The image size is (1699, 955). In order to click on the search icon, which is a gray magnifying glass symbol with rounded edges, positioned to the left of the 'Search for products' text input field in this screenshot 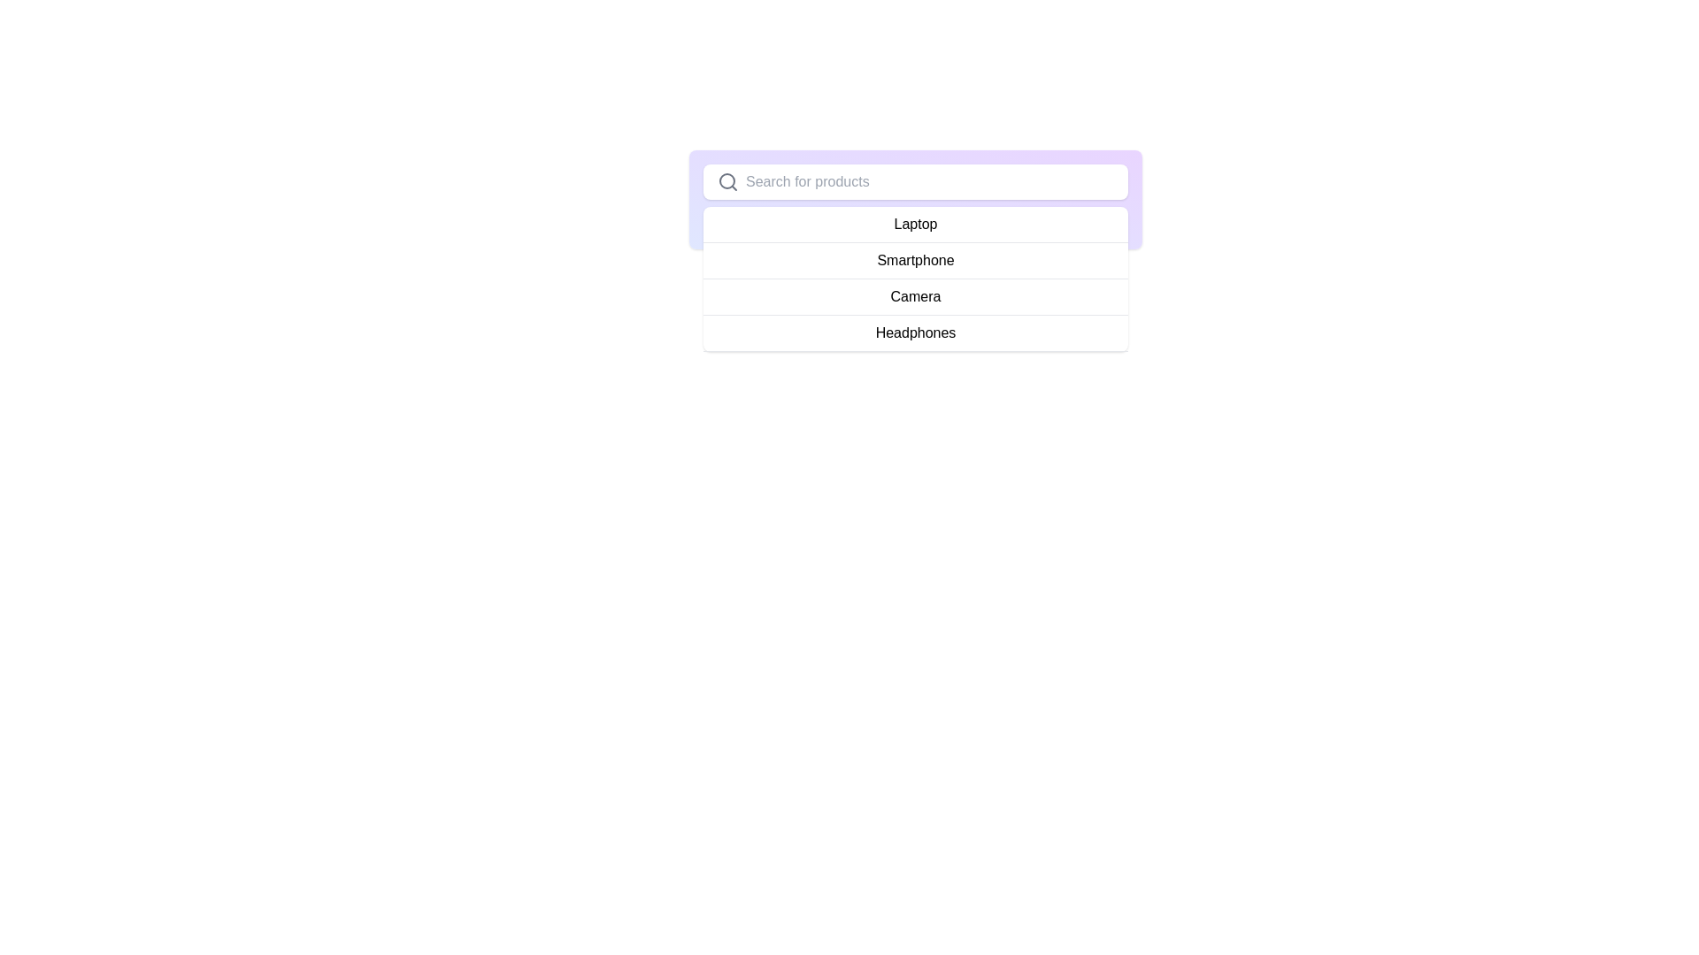, I will do `click(727, 181)`.